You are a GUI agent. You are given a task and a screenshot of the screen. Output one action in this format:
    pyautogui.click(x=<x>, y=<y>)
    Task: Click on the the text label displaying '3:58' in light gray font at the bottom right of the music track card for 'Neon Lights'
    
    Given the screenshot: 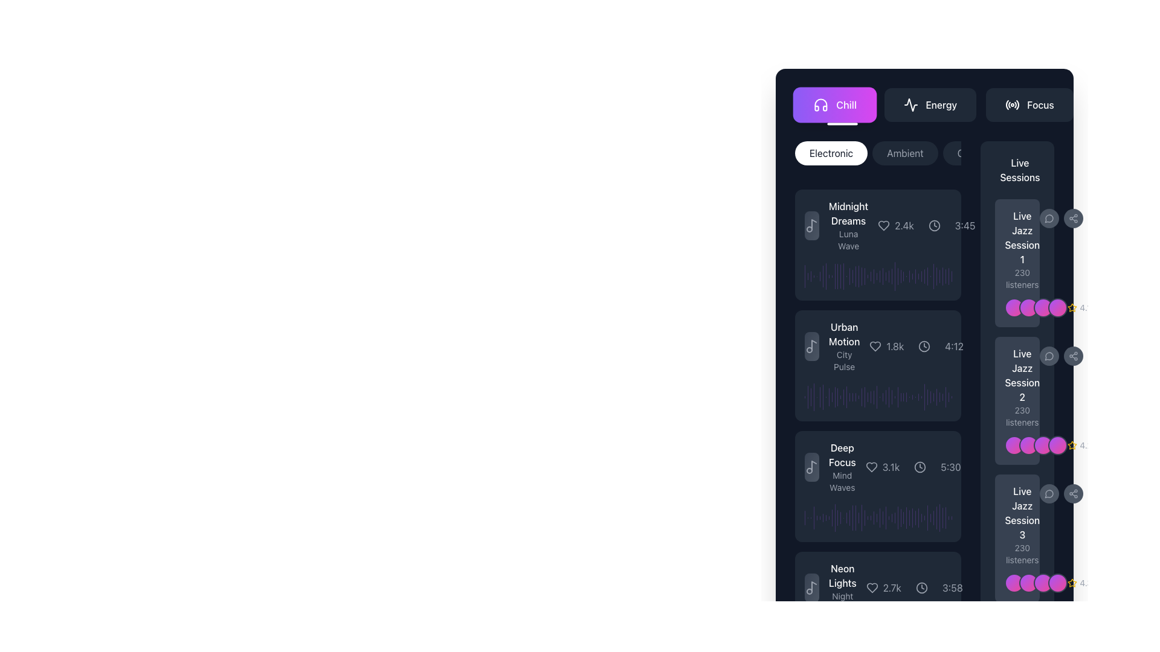 What is the action you would take?
    pyautogui.click(x=952, y=587)
    